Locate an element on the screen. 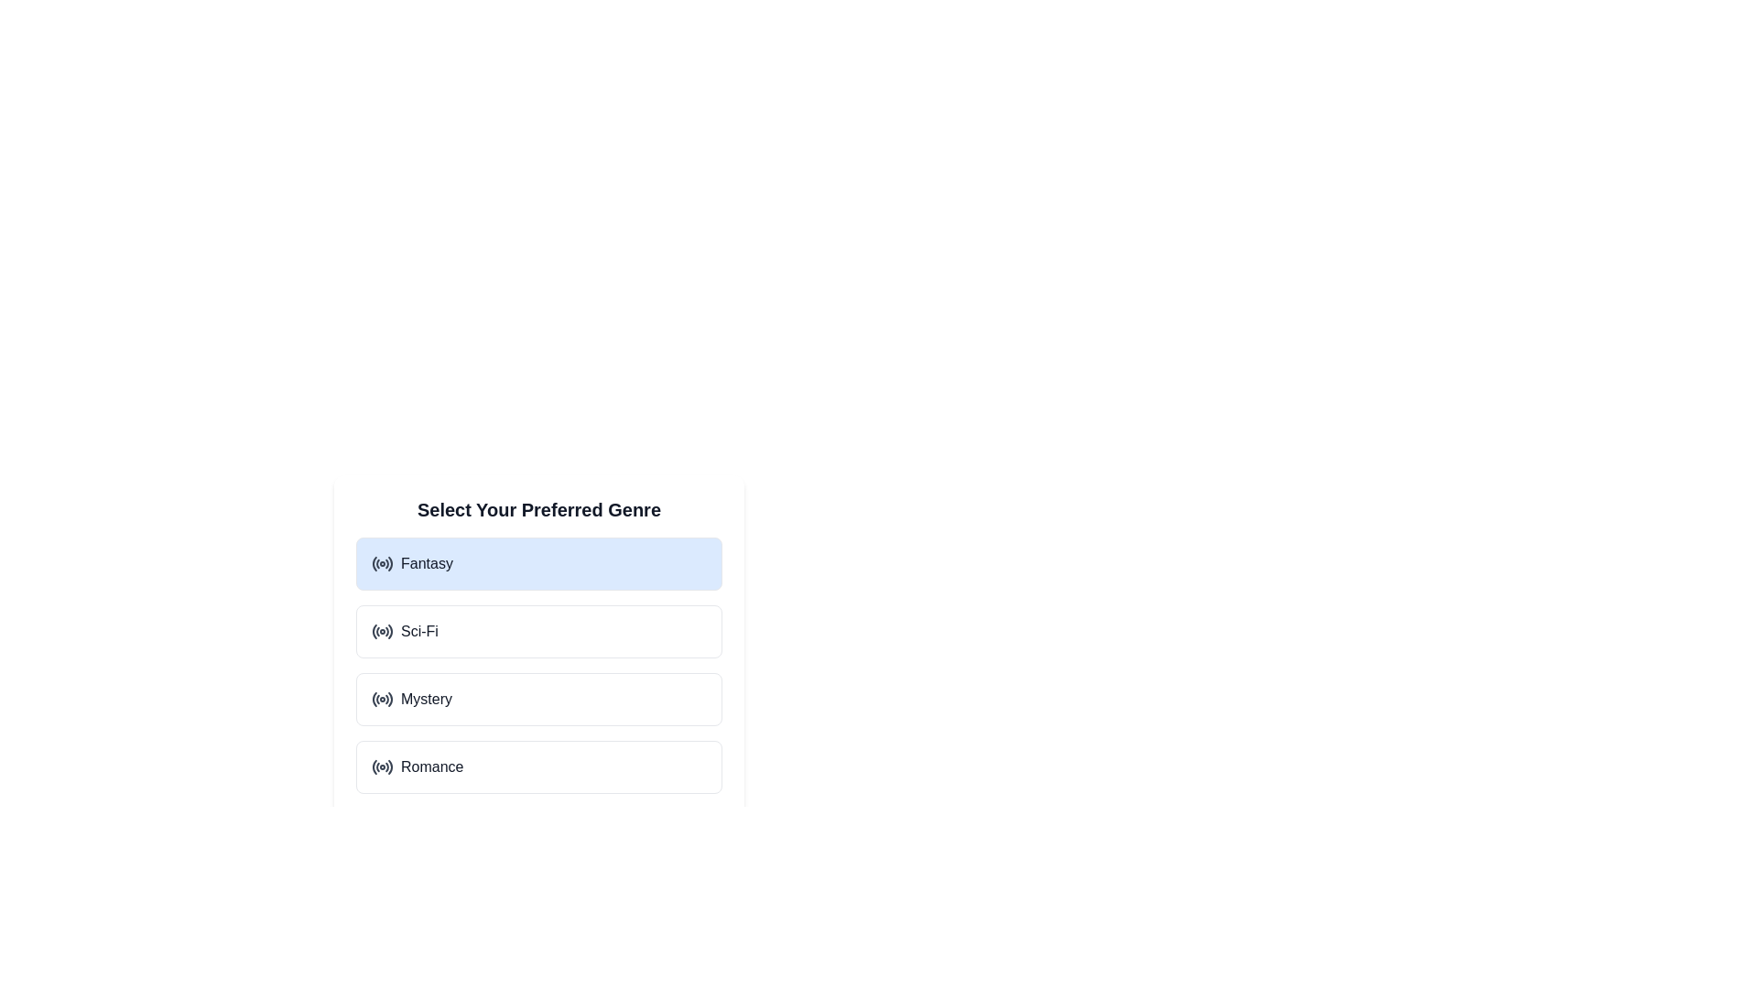 The height and width of the screenshot is (989, 1758). the circular radio button styled element that features a central dot and is labeled 'Fantasy' is located at coordinates (381, 563).